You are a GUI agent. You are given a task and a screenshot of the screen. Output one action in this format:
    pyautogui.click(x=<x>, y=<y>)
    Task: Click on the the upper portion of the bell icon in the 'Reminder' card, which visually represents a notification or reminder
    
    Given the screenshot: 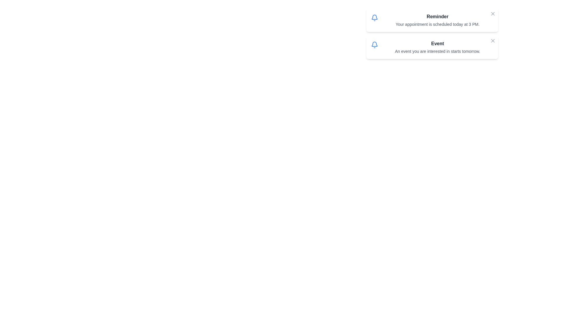 What is the action you would take?
    pyautogui.click(x=374, y=17)
    